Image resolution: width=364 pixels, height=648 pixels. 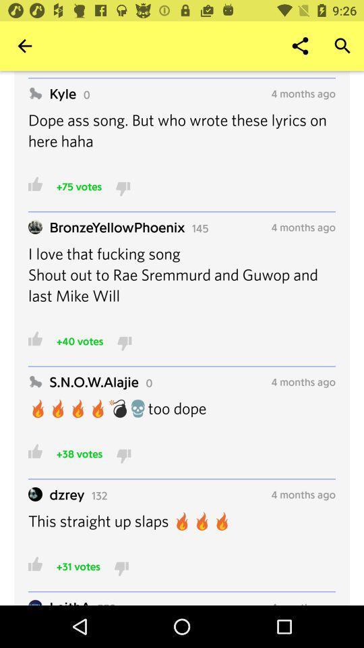 What do you see at coordinates (182, 529) in the screenshot?
I see `the item below dzrey` at bounding box center [182, 529].